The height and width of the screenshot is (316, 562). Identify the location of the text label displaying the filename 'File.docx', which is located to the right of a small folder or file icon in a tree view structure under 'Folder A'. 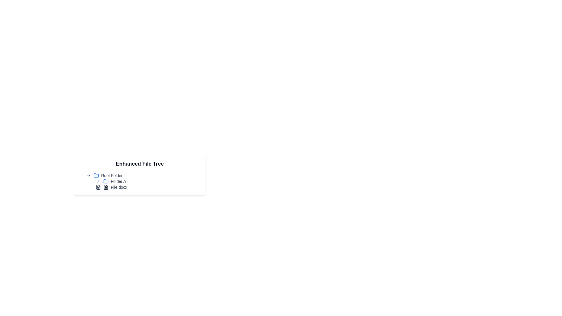
(119, 187).